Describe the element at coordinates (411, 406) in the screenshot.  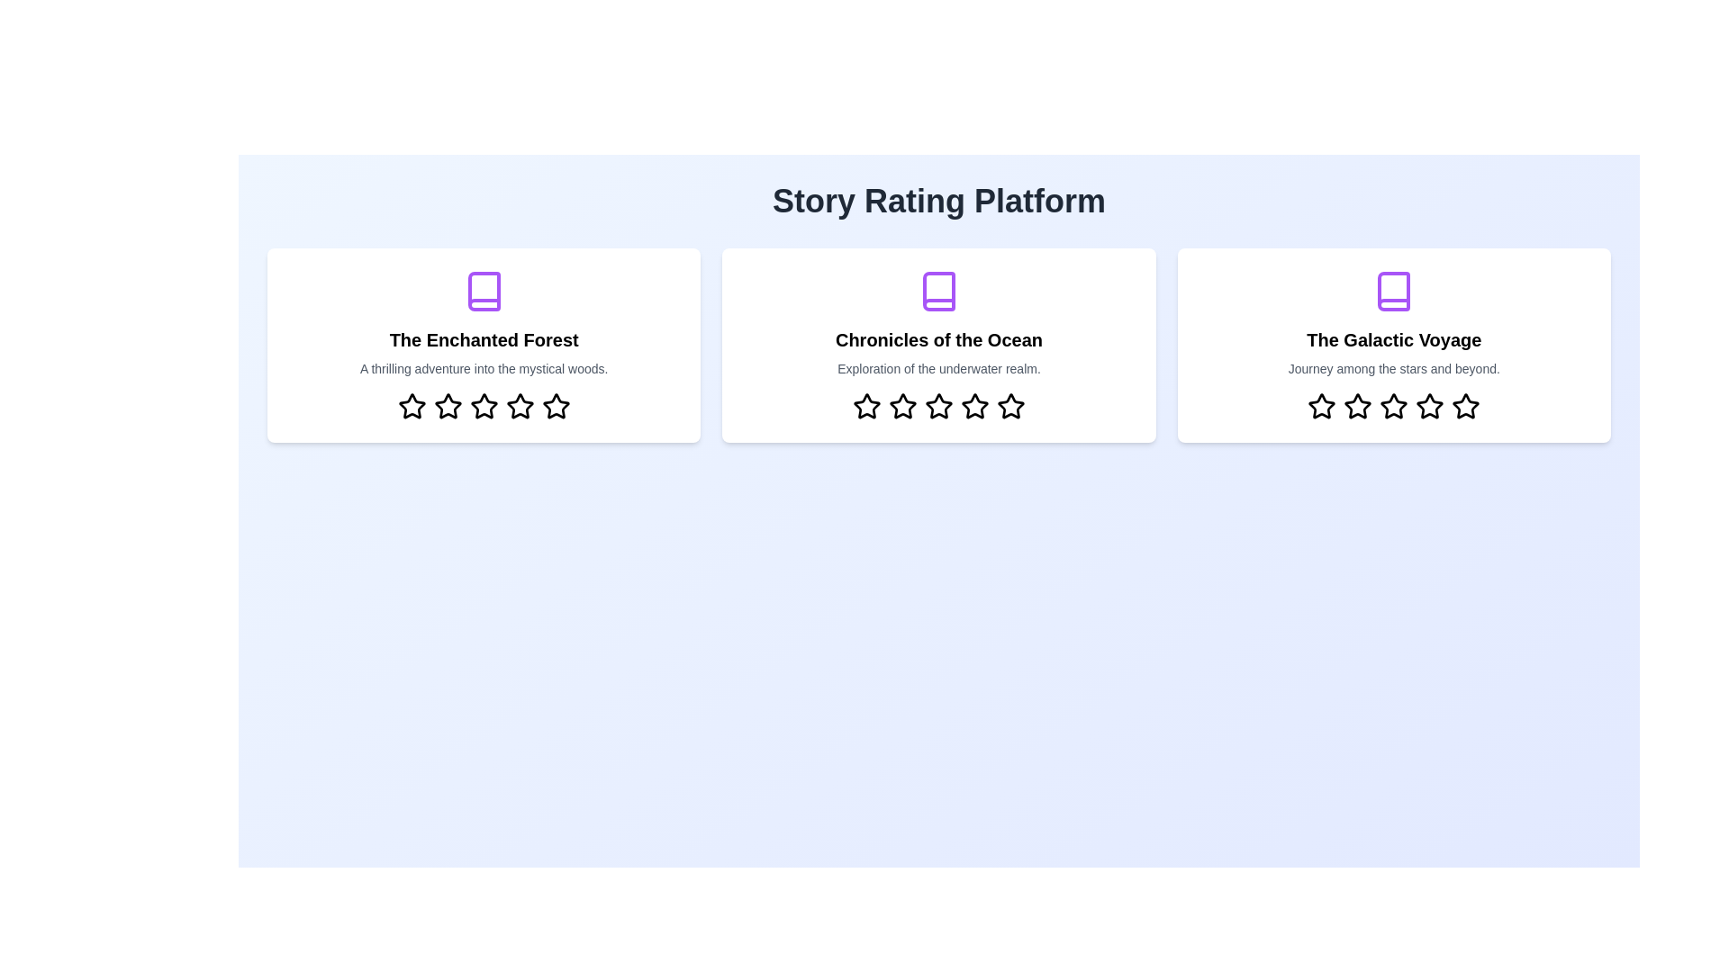
I see `the star corresponding to 1 rating in the 'The Enchanted Forest' story card` at that location.